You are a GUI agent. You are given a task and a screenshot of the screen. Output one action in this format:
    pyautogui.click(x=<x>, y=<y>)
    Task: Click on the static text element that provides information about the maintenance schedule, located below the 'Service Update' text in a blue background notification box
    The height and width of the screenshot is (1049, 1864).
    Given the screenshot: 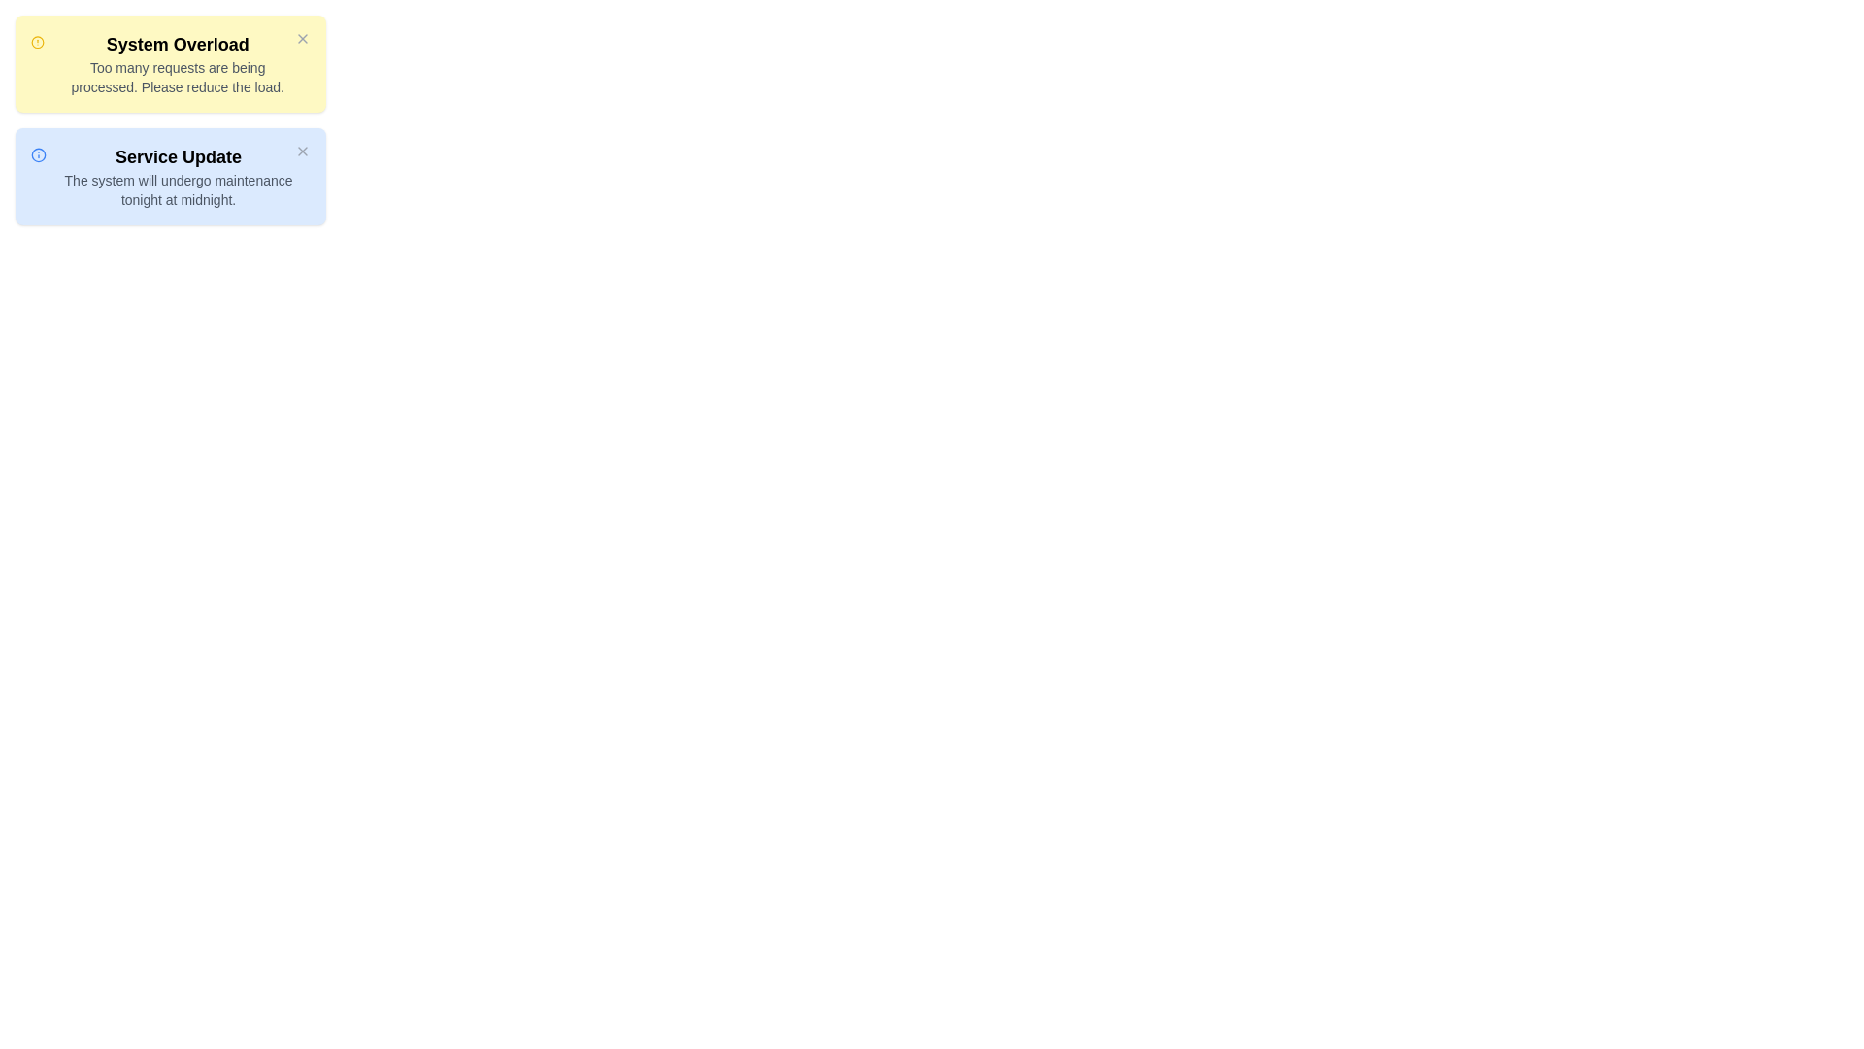 What is the action you would take?
    pyautogui.click(x=179, y=190)
    